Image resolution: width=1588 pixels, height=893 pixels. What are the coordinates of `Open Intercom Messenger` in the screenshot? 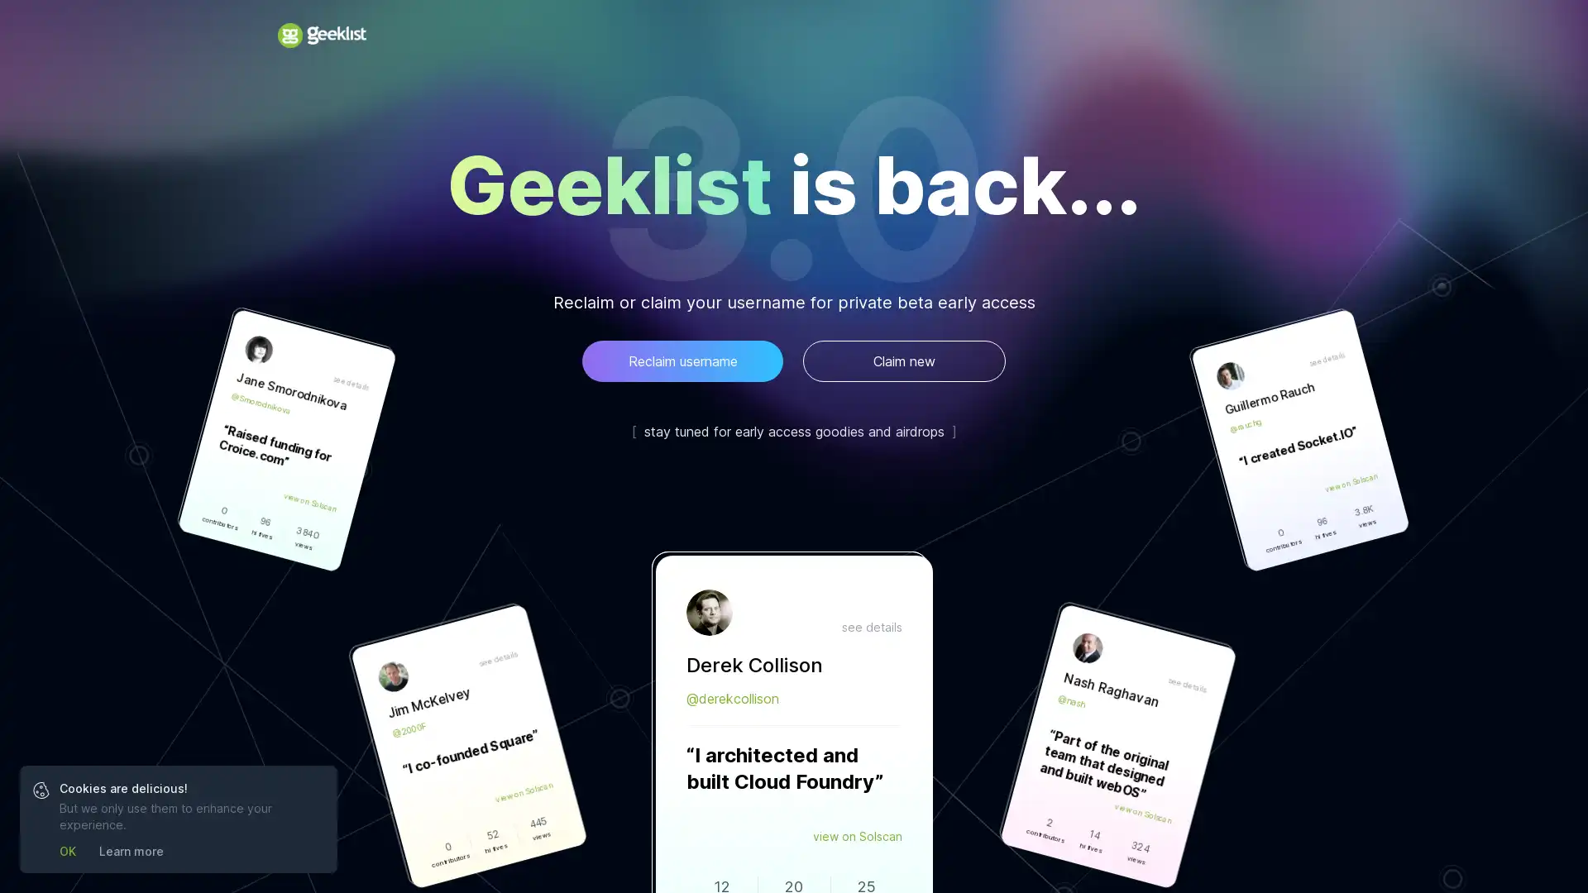 It's located at (1546, 851).